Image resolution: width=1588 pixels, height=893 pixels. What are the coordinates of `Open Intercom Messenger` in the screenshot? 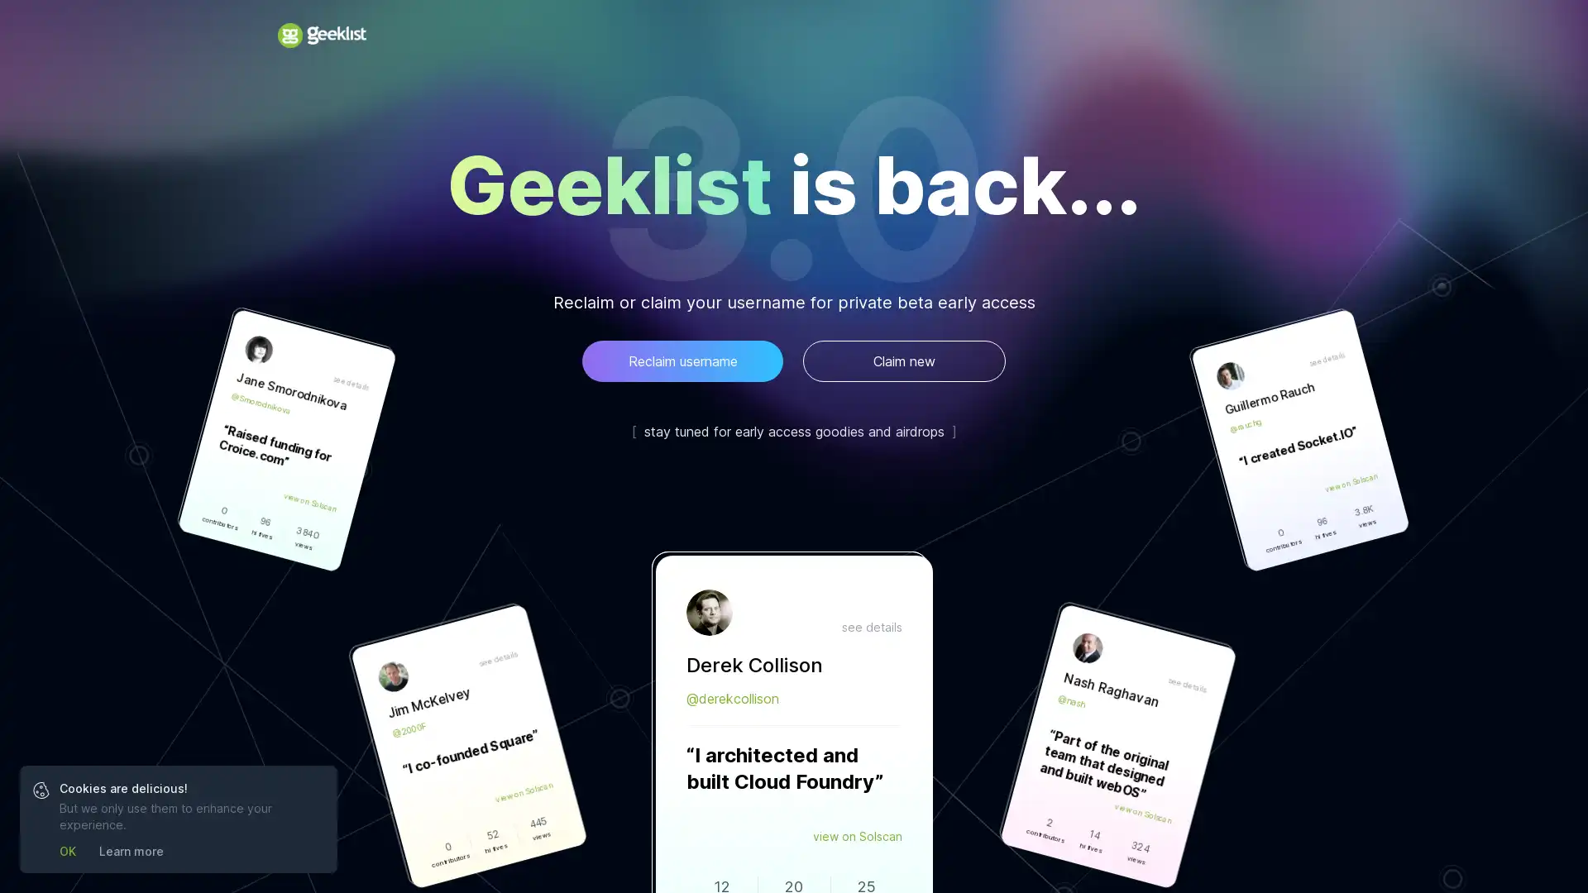 It's located at (1546, 851).